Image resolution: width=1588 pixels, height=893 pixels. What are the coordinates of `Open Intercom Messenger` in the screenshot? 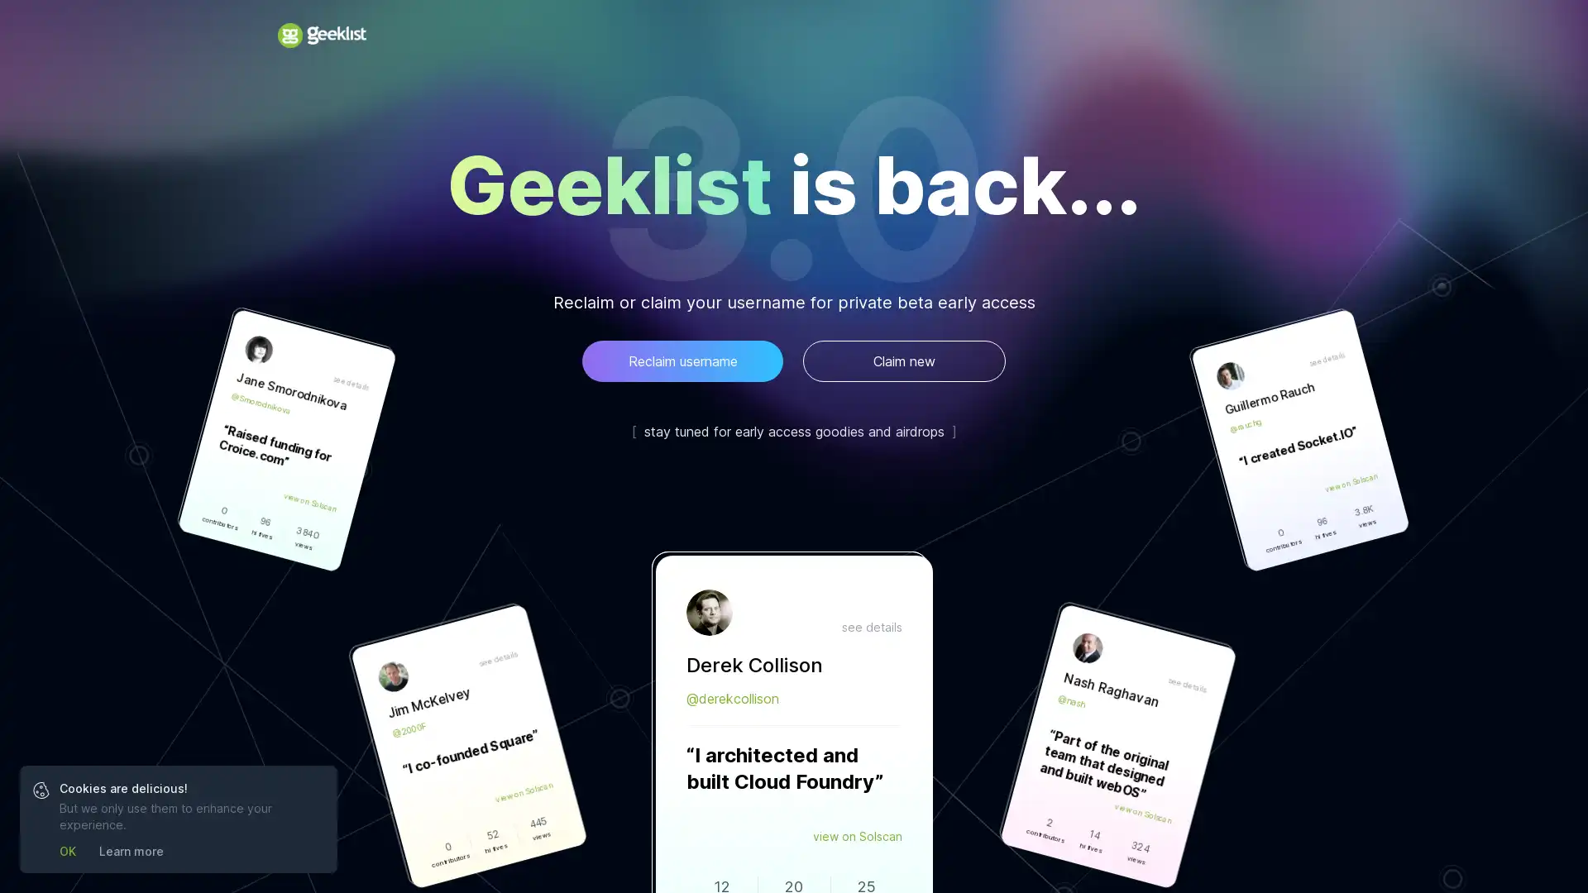 It's located at (1546, 851).